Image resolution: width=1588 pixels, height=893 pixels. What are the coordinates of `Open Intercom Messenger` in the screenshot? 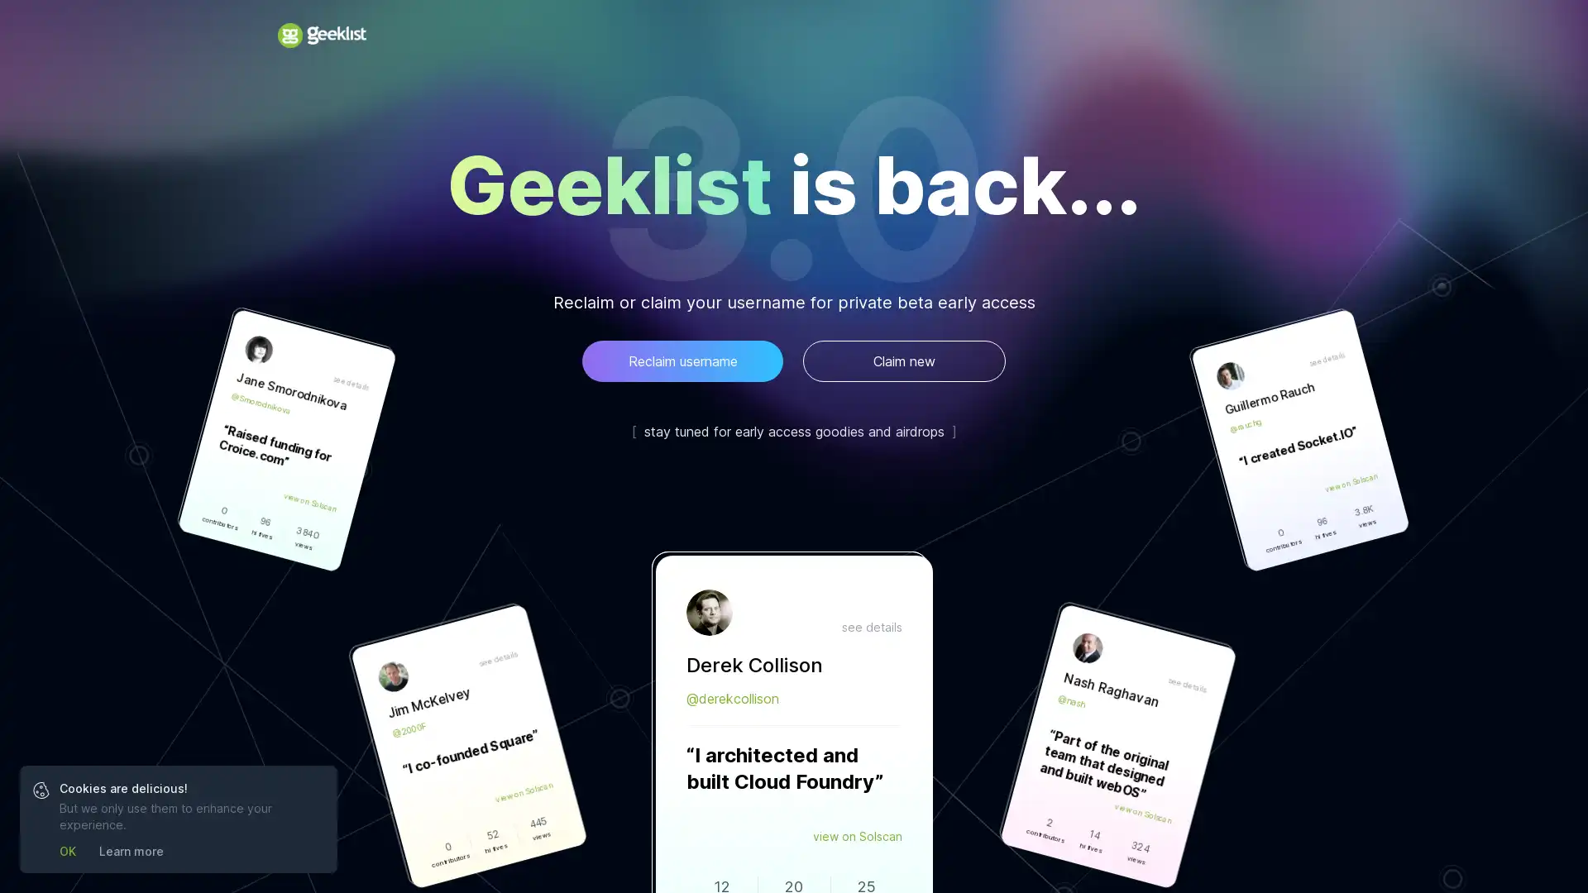 It's located at (1546, 851).